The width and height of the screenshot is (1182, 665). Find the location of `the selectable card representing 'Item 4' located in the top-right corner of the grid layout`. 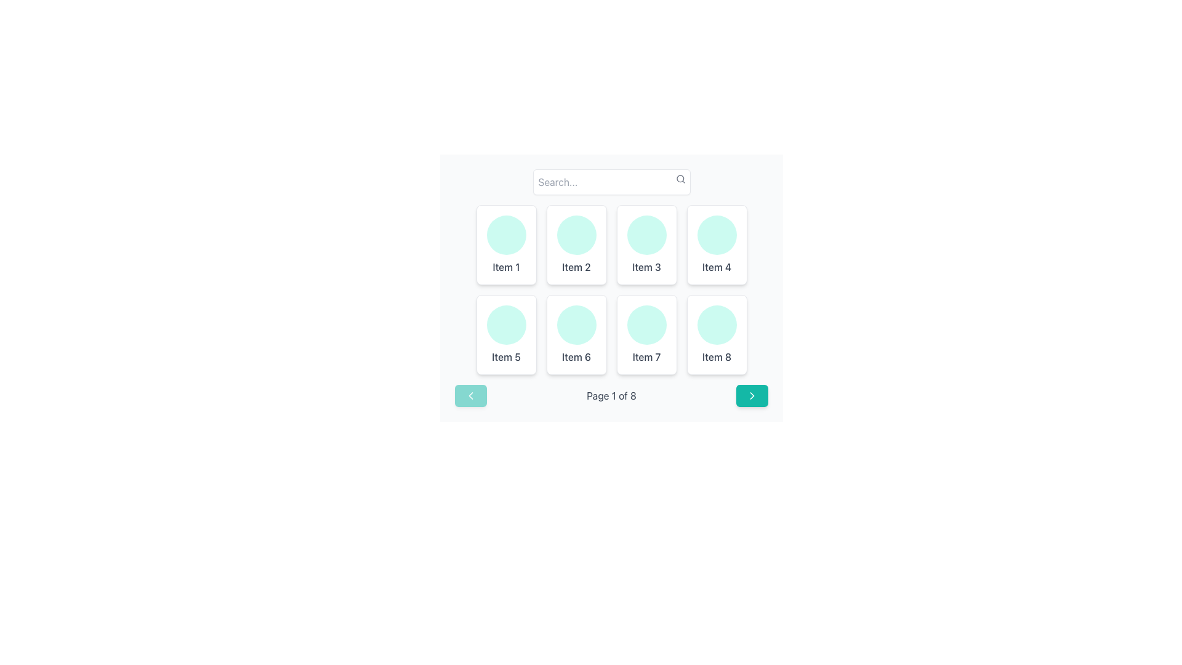

the selectable card representing 'Item 4' located in the top-right corner of the grid layout is located at coordinates (717, 244).